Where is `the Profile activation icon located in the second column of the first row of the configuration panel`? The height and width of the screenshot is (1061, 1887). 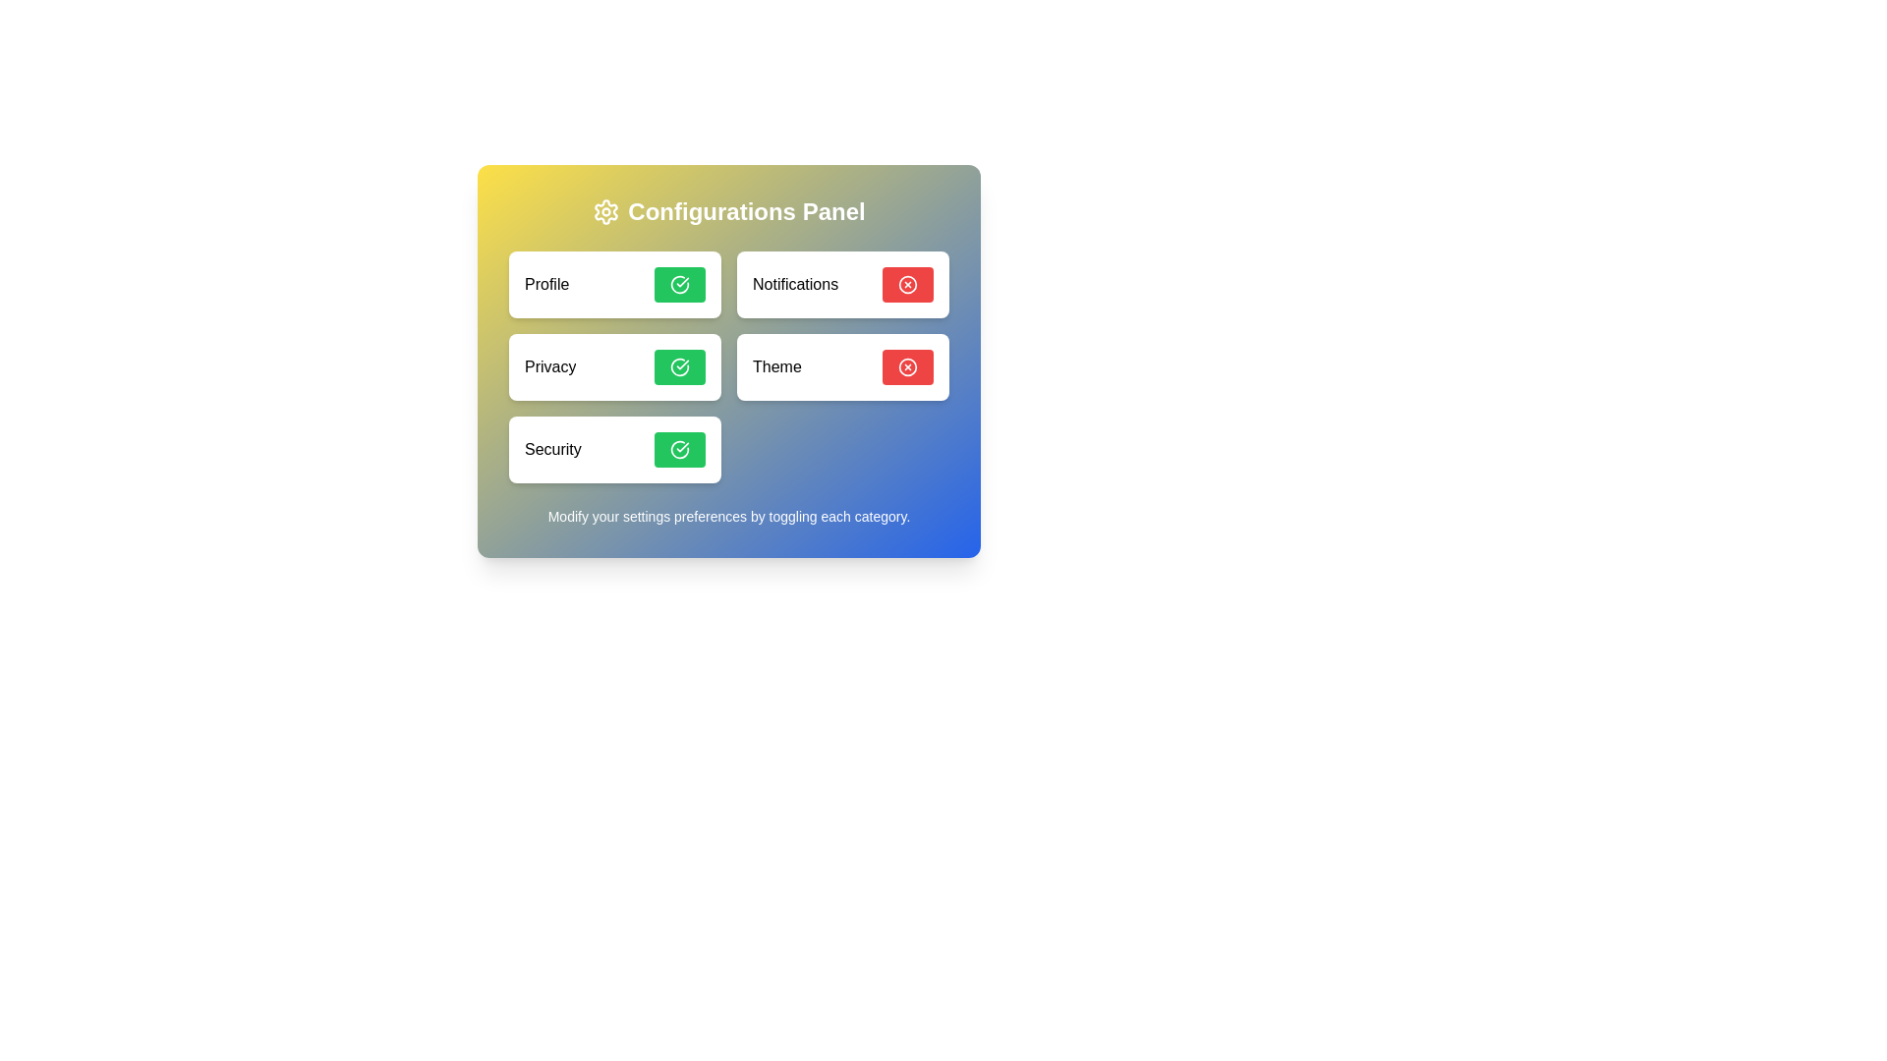 the Profile activation icon located in the second column of the first row of the configuration panel is located at coordinates (679, 284).